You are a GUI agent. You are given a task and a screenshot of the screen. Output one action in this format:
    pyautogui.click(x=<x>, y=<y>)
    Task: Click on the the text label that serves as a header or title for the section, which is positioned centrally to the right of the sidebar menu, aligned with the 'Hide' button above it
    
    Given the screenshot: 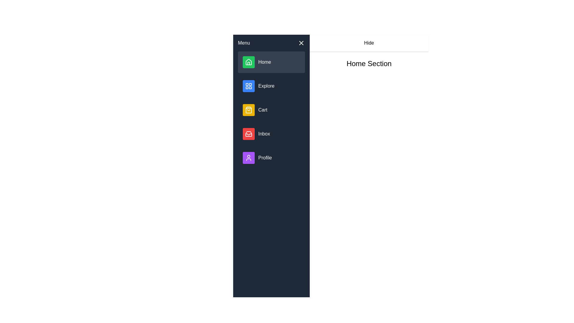 What is the action you would take?
    pyautogui.click(x=369, y=63)
    